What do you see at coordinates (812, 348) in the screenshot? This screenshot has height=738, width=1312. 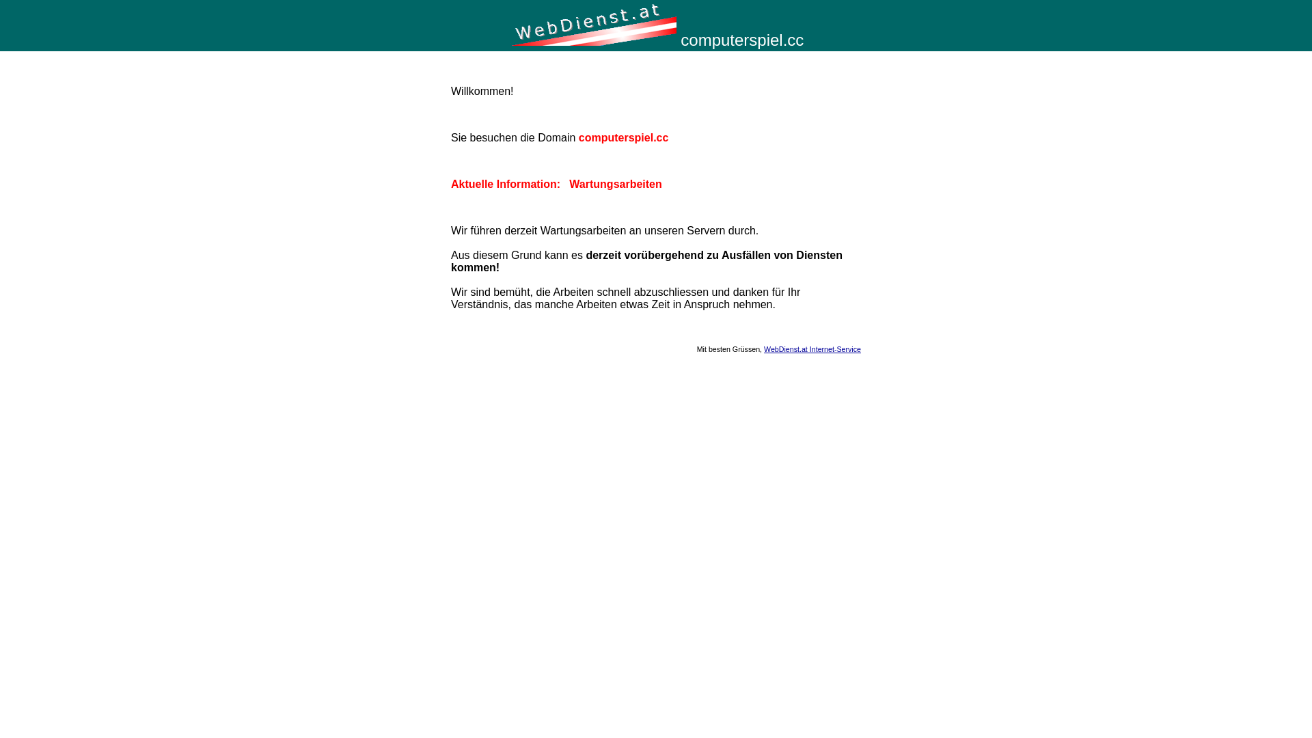 I see `'WebDienst.at Internet-Service'` at bounding box center [812, 348].